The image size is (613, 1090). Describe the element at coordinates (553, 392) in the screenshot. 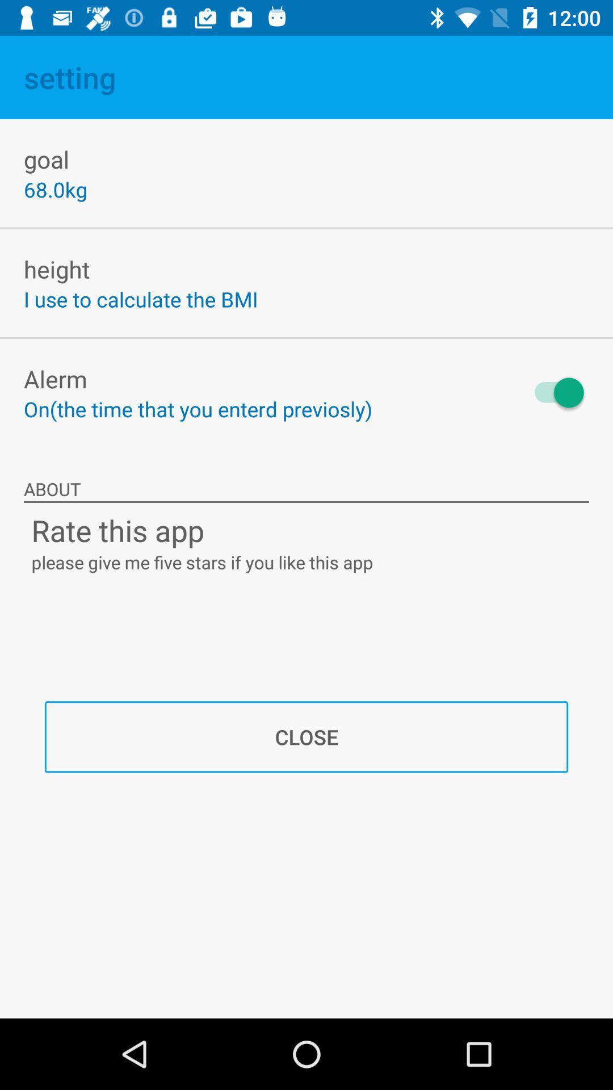

I see `icon next to the on the time icon` at that location.